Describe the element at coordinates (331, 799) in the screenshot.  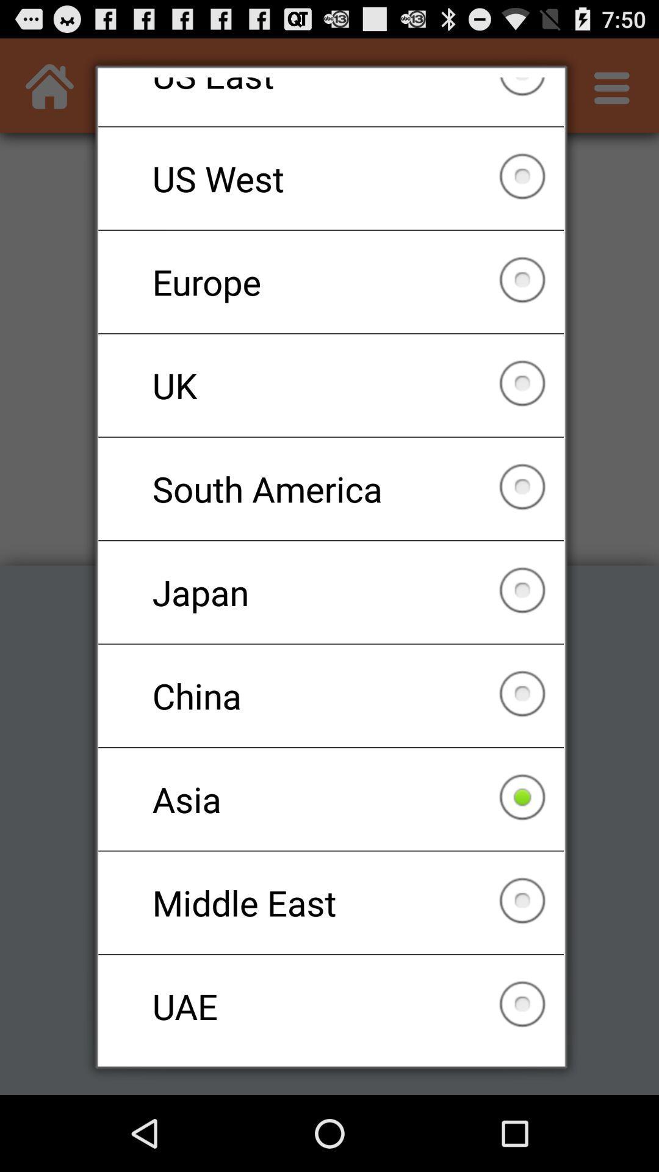
I see `item above     middle east checkbox` at that location.